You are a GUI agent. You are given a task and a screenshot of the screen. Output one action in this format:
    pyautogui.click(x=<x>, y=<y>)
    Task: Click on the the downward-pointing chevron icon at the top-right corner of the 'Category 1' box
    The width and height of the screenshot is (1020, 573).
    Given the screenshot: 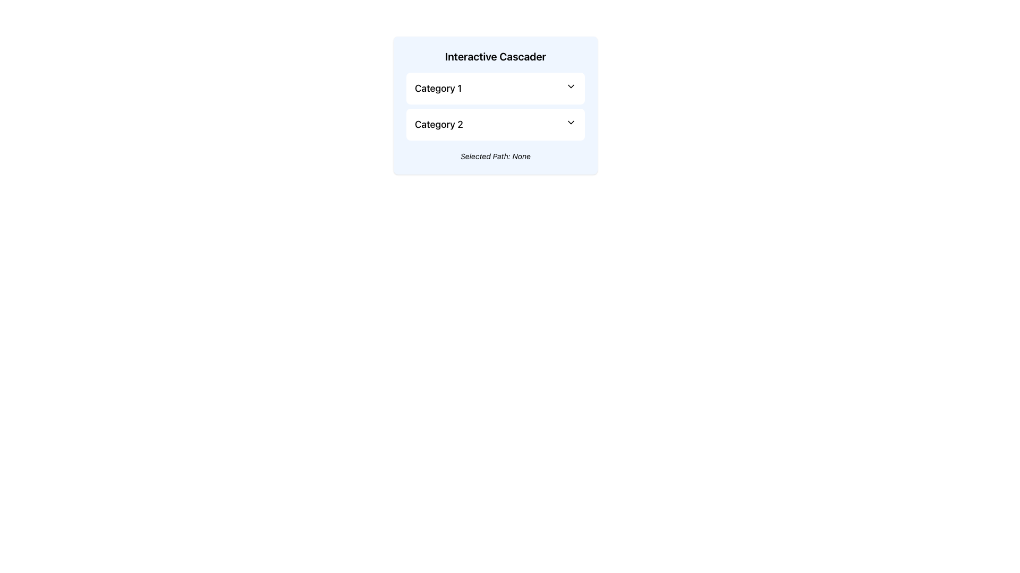 What is the action you would take?
    pyautogui.click(x=571, y=85)
    